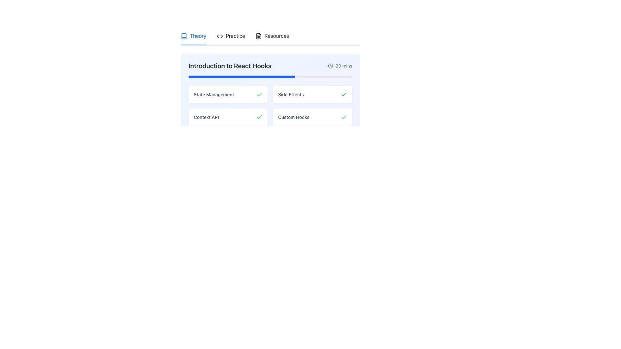  I want to click on the visual confirmation icon indicating the completion or activation of the 'Side Effects' module, located in the top-right corner of the 'Side Effects' section, so click(343, 95).